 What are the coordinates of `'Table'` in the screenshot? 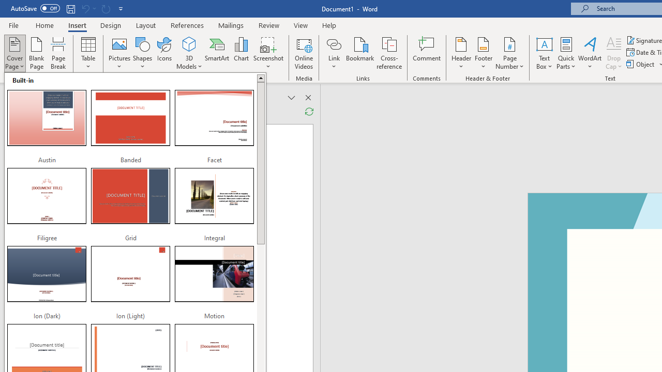 It's located at (88, 53).